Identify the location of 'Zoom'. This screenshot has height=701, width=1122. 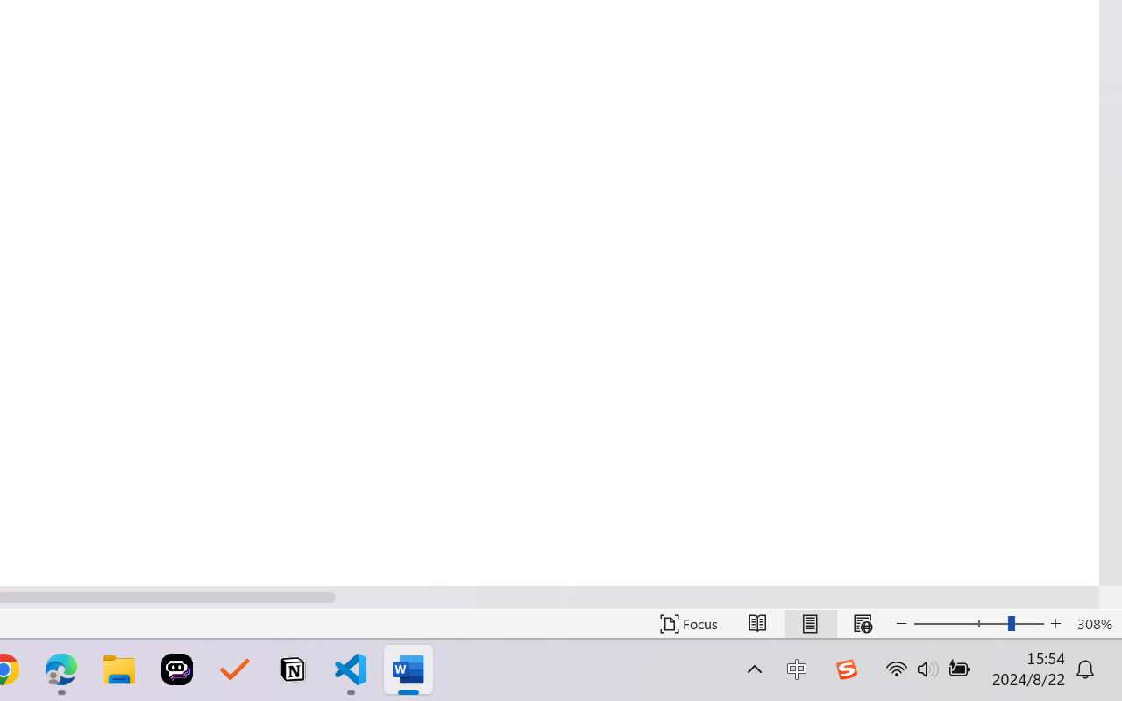
(977, 623).